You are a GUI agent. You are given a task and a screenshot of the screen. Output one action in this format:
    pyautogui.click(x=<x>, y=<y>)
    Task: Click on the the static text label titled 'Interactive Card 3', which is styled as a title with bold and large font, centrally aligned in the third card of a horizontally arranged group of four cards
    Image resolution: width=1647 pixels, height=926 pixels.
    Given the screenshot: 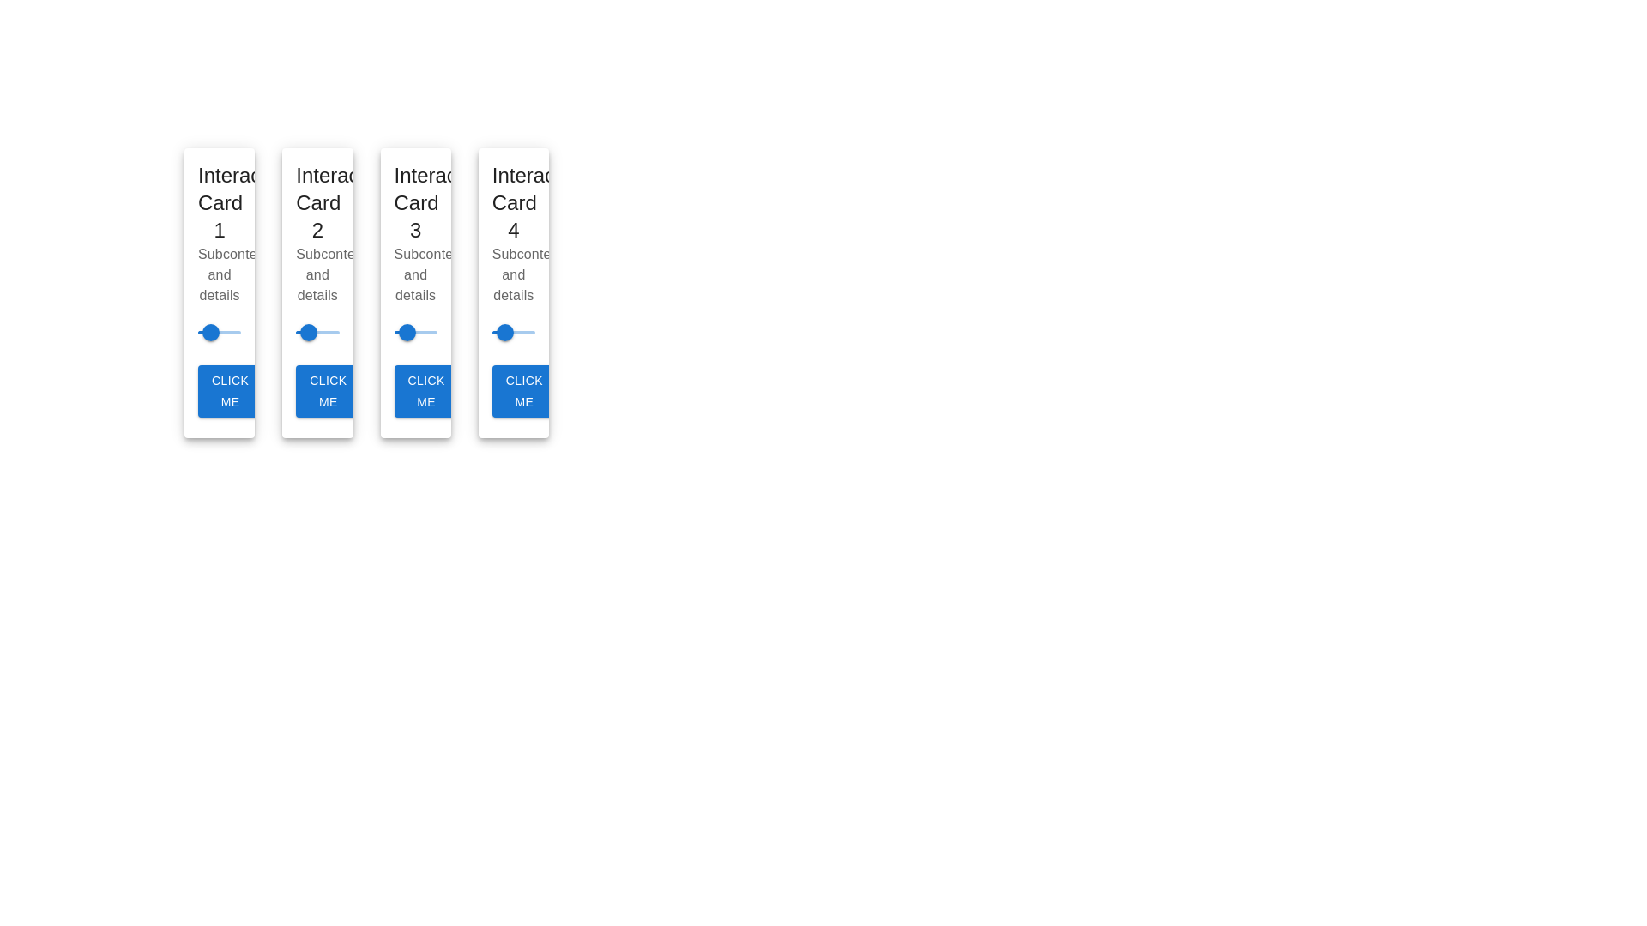 What is the action you would take?
    pyautogui.click(x=415, y=202)
    